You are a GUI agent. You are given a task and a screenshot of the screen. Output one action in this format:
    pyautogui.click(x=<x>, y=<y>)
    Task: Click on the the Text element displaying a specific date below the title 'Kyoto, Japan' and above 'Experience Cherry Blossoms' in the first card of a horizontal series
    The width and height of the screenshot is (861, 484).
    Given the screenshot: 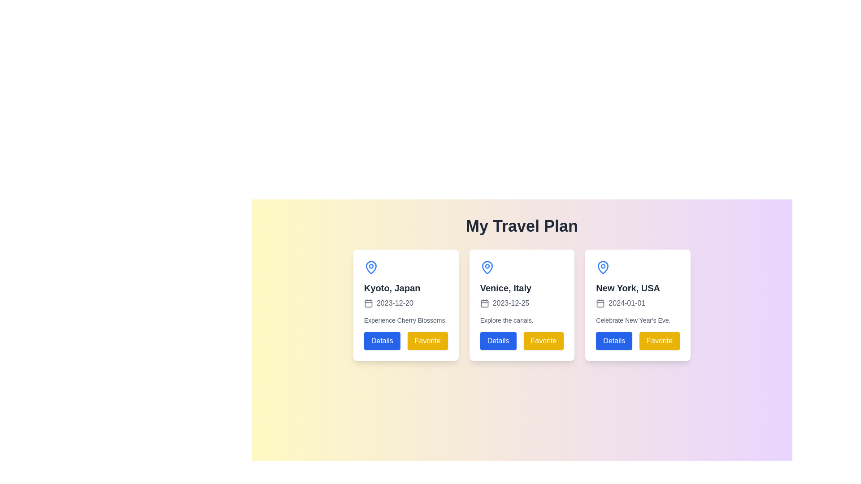 What is the action you would take?
    pyautogui.click(x=388, y=303)
    